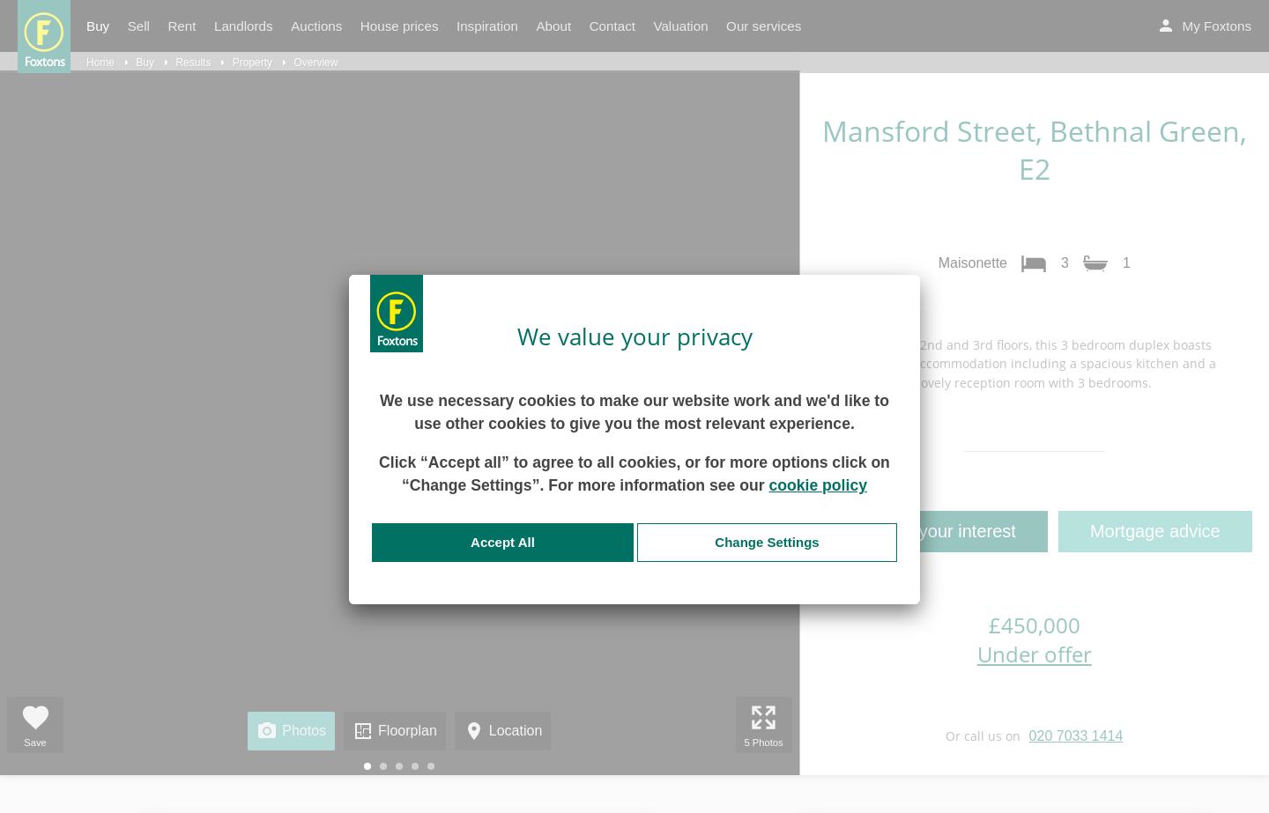 The height and width of the screenshot is (813, 1269). I want to click on 'Floorplan', so click(377, 729).